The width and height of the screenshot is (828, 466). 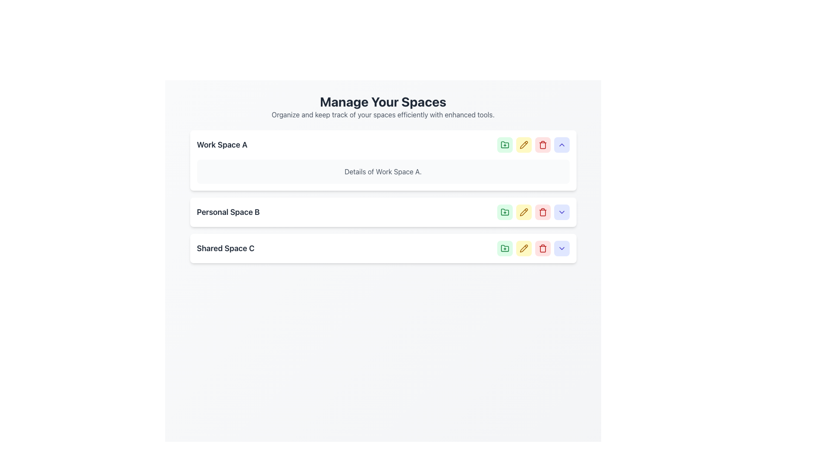 I want to click on the delete button icon, which is the third button from the right in the horizontal row of buttons, located to the right of 'Work Space A', so click(x=542, y=212).